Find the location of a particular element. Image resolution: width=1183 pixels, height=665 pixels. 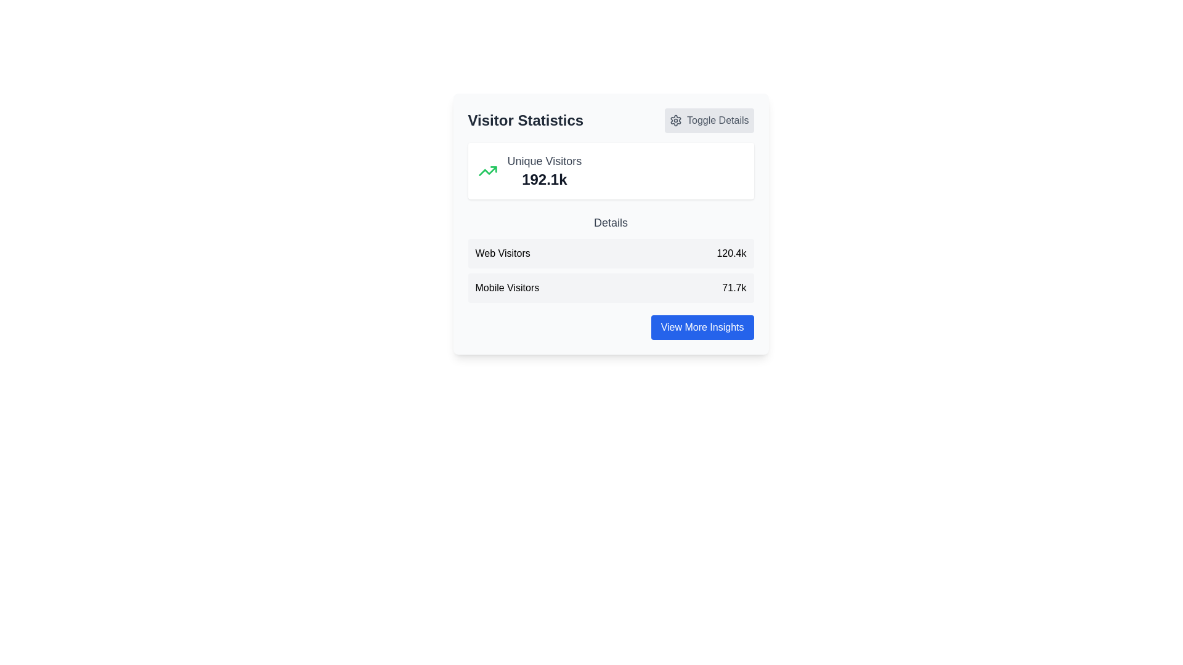

the Text Label that serves as a title for visitor statistics, located in the upper left corner of the card, to the left of the 'Toggle Details' button is located at coordinates (526, 121).